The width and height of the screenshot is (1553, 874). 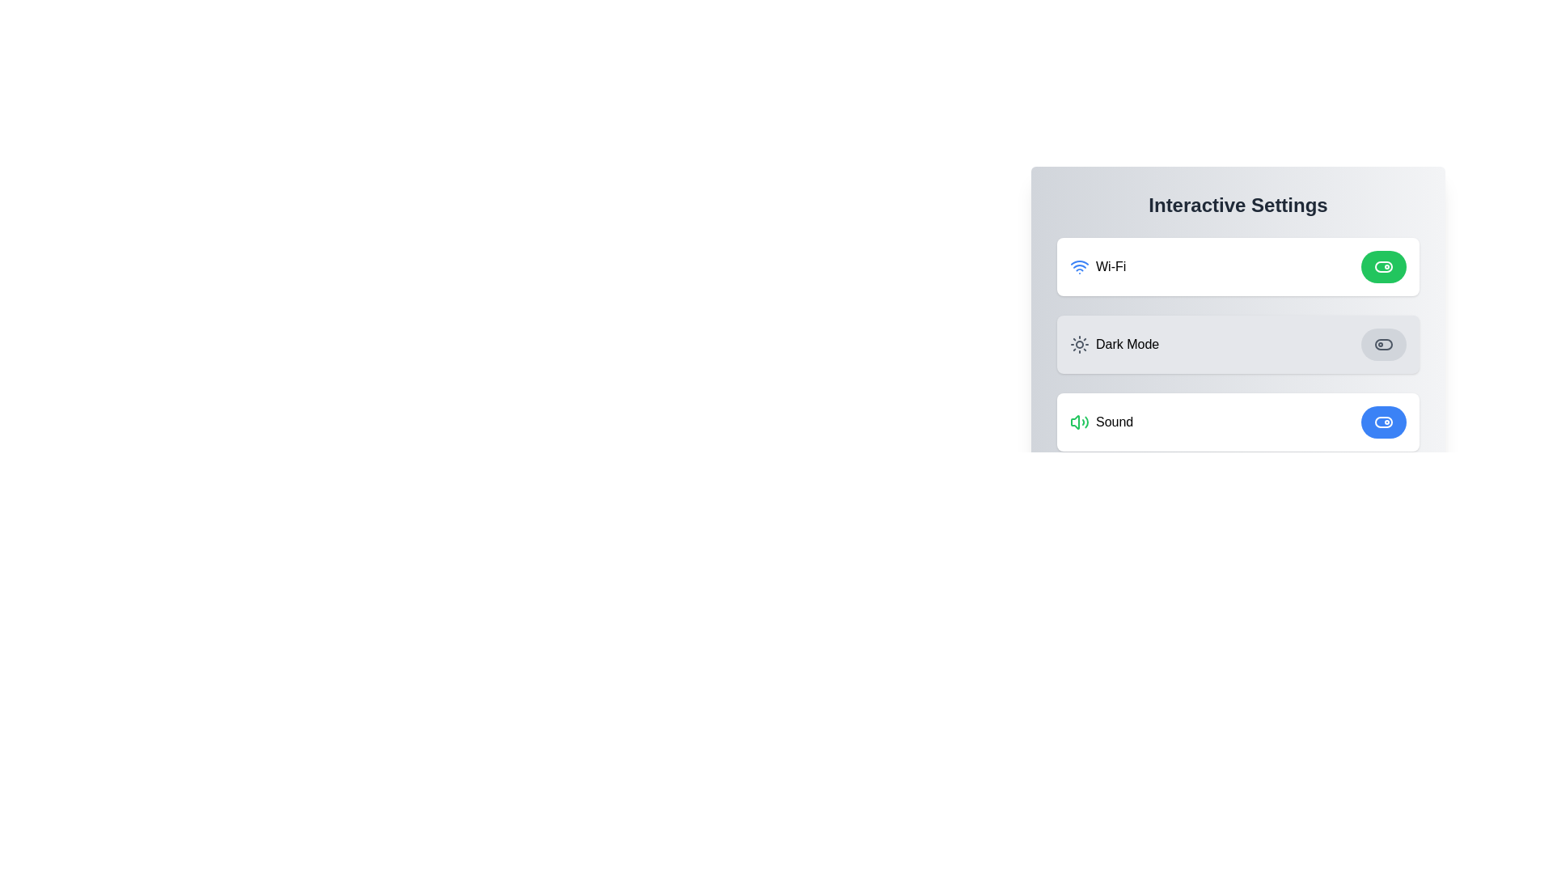 What do you see at coordinates (1382, 343) in the screenshot?
I see `the toggle switch button located to the far right of the 'Dark Mode' row in the 'Interactive Settings' interface to switch it on or off` at bounding box center [1382, 343].